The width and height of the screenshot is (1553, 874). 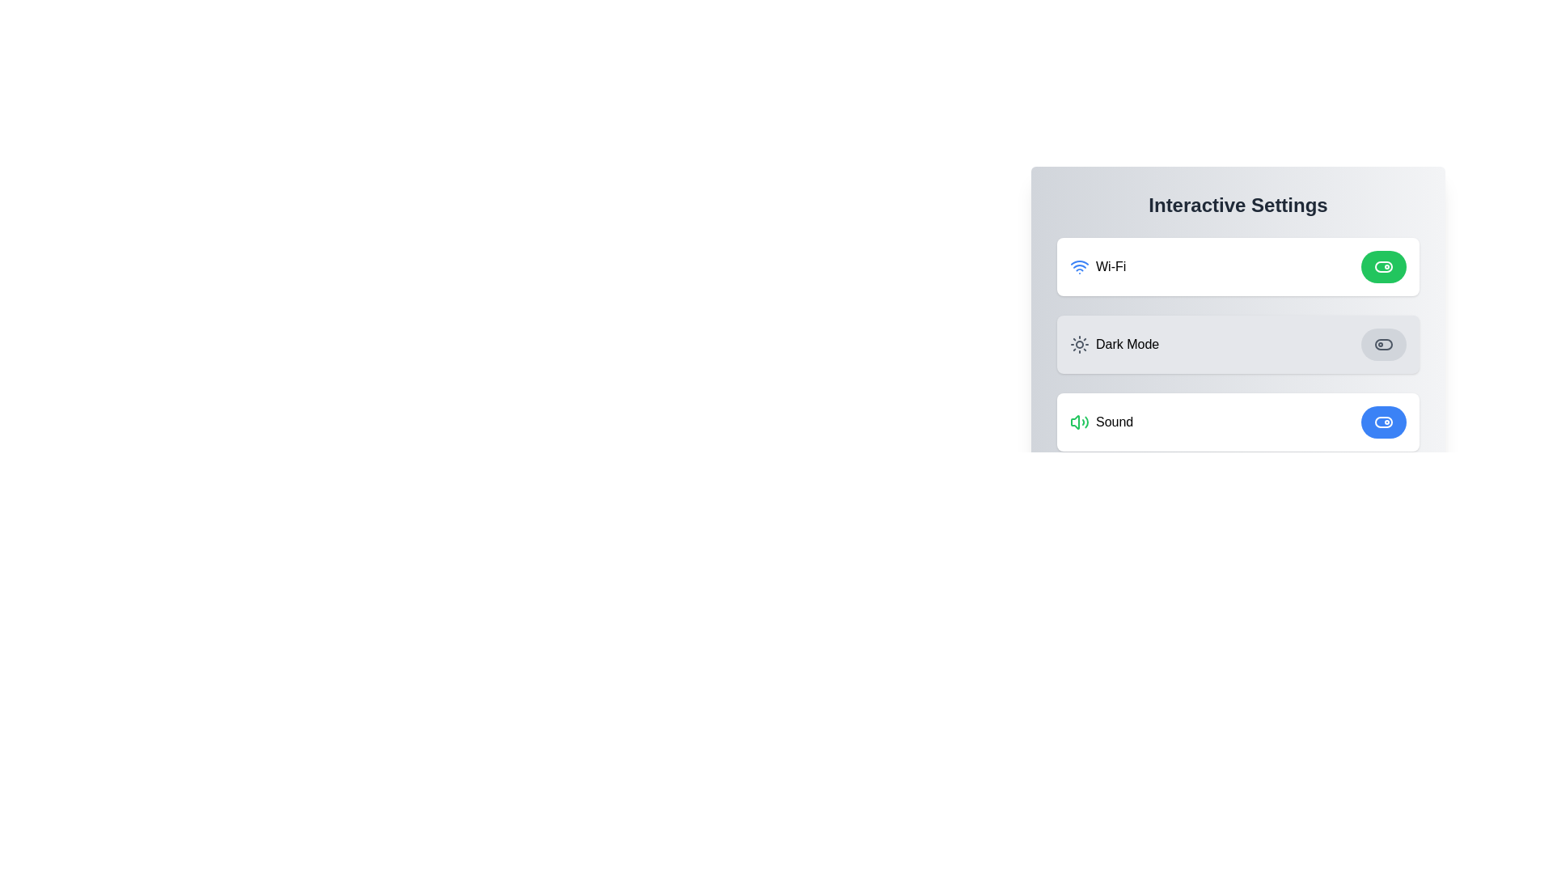 What do you see at coordinates (1382, 343) in the screenshot?
I see `the toggle switch button located to the far right of the 'Dark Mode' row in the 'Interactive Settings' interface to switch it on or off` at bounding box center [1382, 343].